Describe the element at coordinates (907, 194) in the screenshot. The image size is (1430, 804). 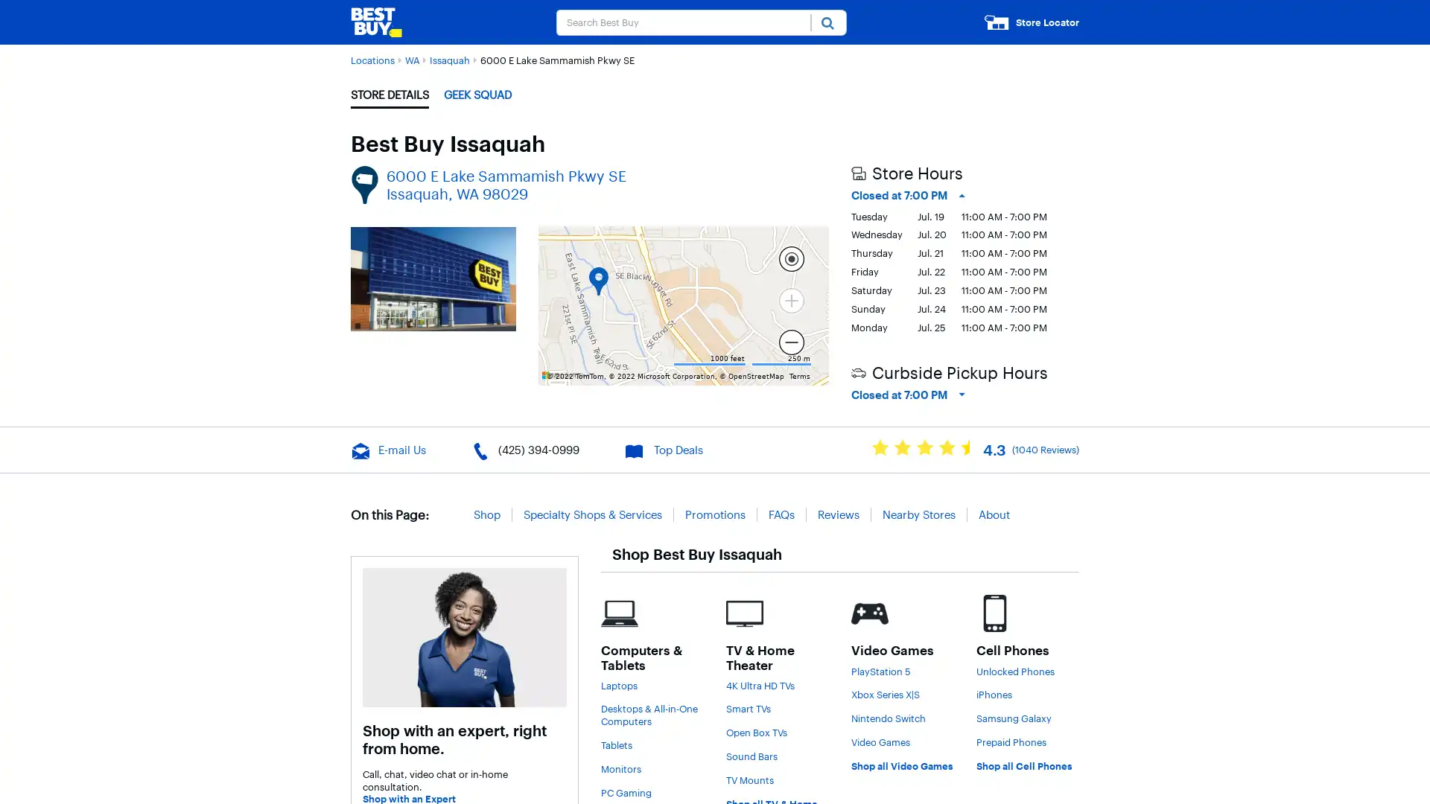
I see `Closed at 7:00 PM` at that location.